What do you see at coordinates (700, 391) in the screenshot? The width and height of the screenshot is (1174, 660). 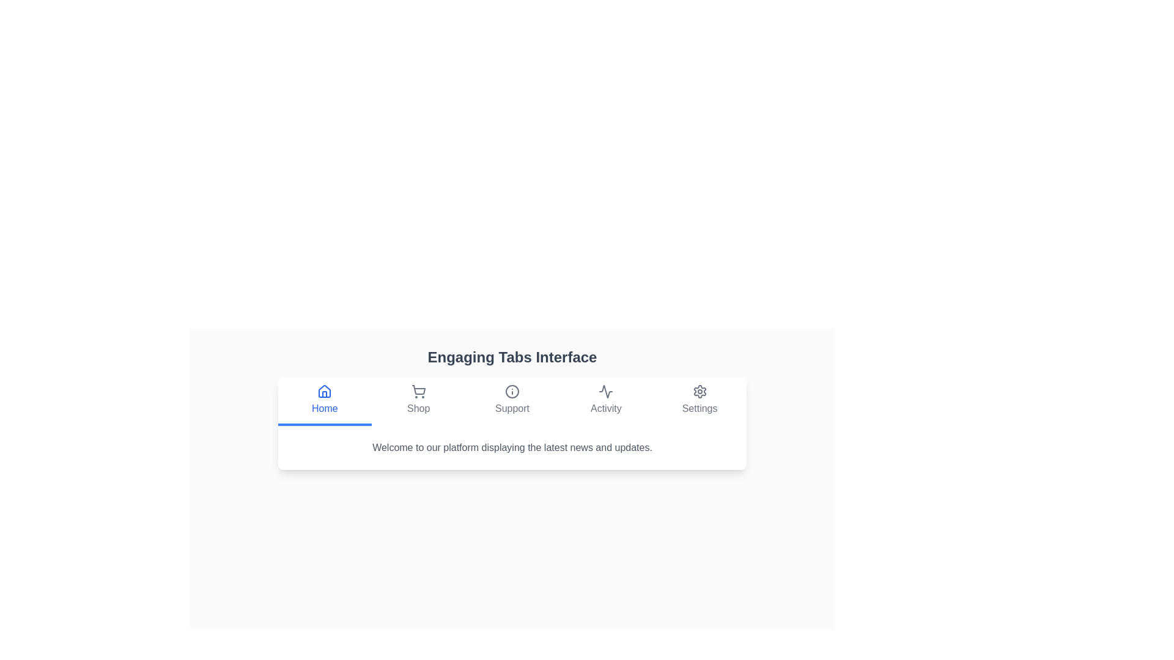 I see `the Settings icon located at the bottom right corner of the horizontal menu bar to possibly display a tooltip or highlight` at bounding box center [700, 391].